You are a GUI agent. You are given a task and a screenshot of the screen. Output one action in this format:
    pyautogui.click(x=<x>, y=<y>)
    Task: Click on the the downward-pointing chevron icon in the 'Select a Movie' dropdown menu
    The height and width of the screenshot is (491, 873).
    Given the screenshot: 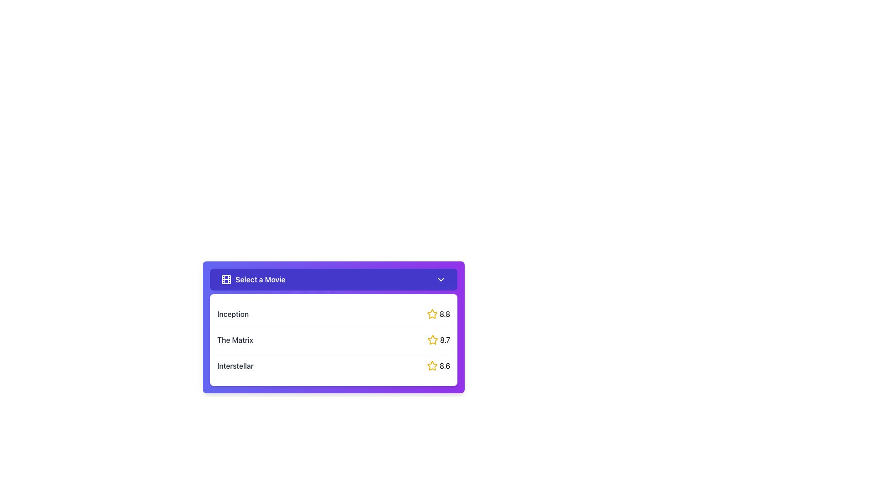 What is the action you would take?
    pyautogui.click(x=441, y=279)
    